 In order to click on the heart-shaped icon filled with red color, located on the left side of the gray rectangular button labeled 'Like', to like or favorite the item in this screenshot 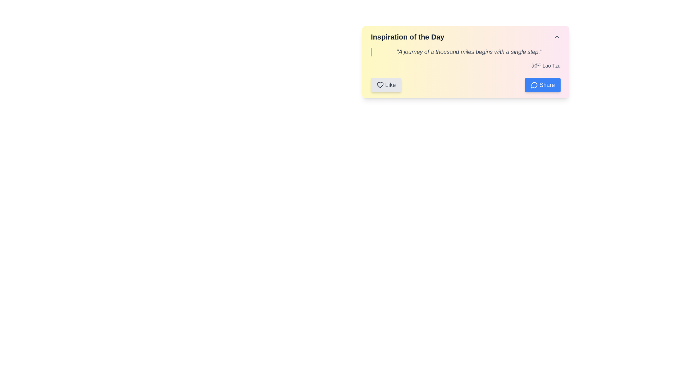, I will do `click(379, 84)`.